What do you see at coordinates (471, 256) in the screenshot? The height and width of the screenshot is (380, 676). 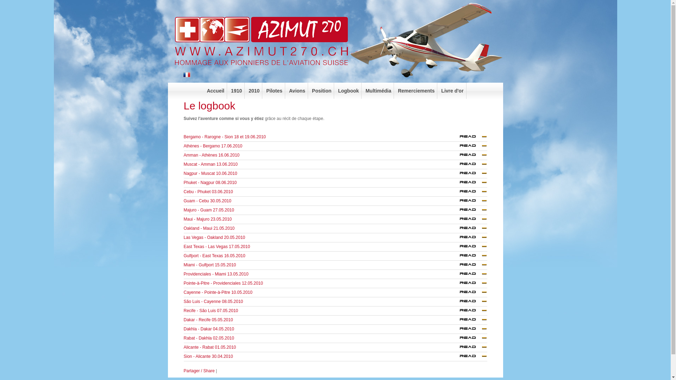 I see `'Gulfport - East Texas 16.05.2010'` at bounding box center [471, 256].